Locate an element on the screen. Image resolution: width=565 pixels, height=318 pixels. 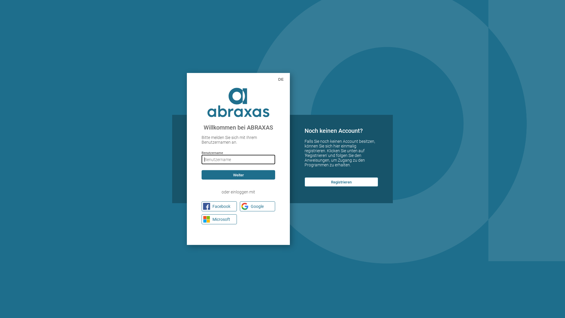
'Google' is located at coordinates (257, 206).